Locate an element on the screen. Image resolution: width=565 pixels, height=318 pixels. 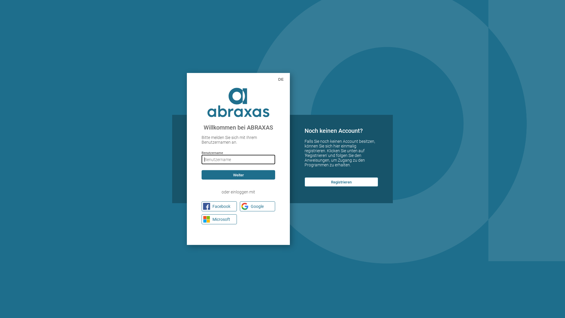
'Google' is located at coordinates (257, 206).